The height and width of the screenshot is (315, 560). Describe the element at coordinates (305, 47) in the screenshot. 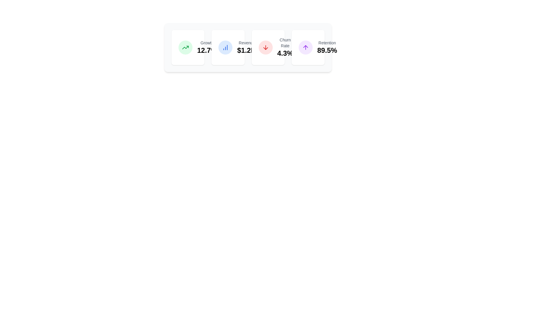

I see `the vibrant purple upward arrow icon within the rounded button that represents 'Retention'` at that location.